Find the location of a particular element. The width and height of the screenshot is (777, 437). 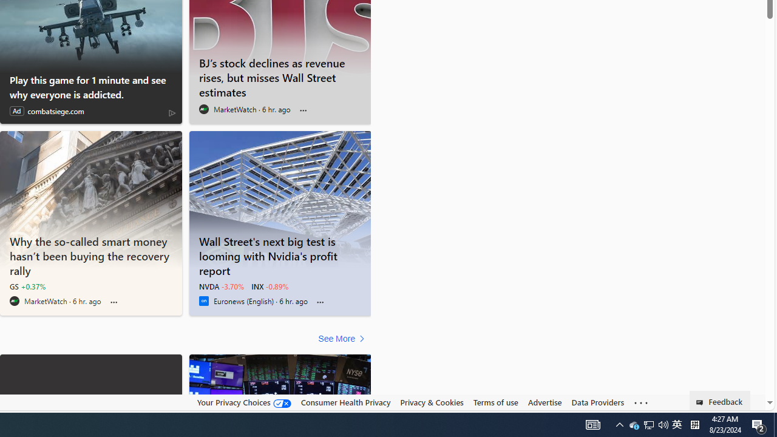

'Euronews (English)' is located at coordinates (203, 300).